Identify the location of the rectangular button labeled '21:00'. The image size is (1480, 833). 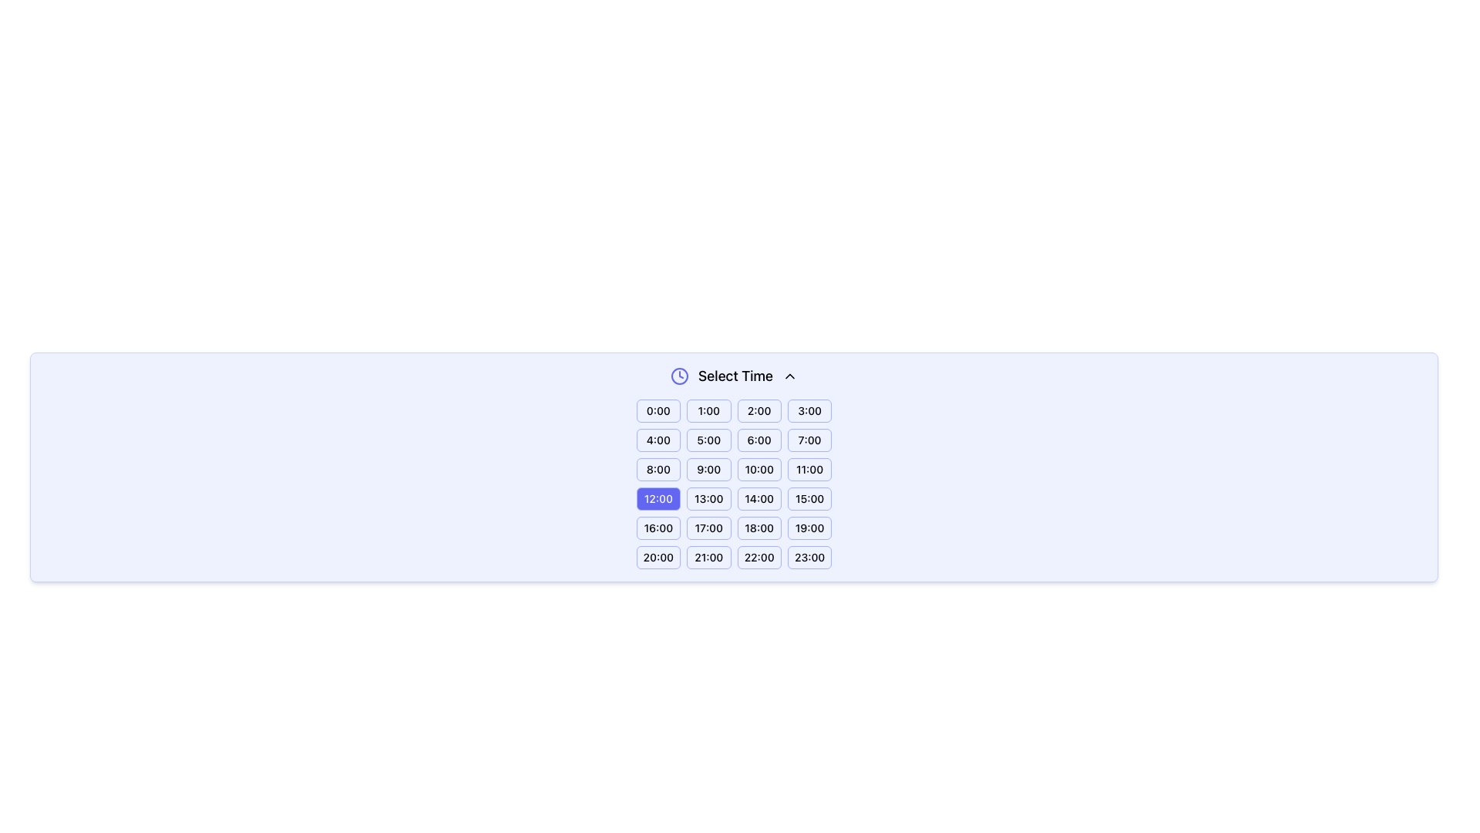
(708, 557).